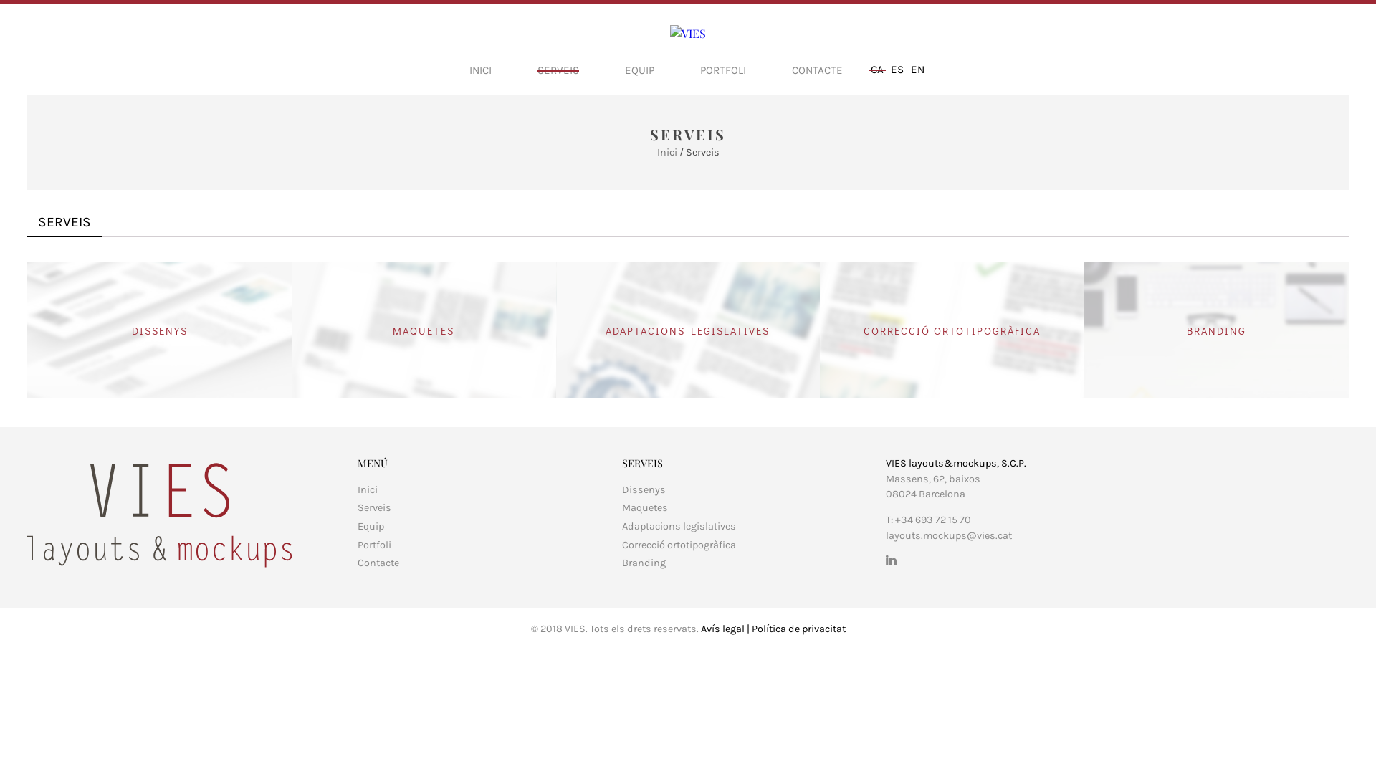  What do you see at coordinates (876, 69) in the screenshot?
I see `'CA'` at bounding box center [876, 69].